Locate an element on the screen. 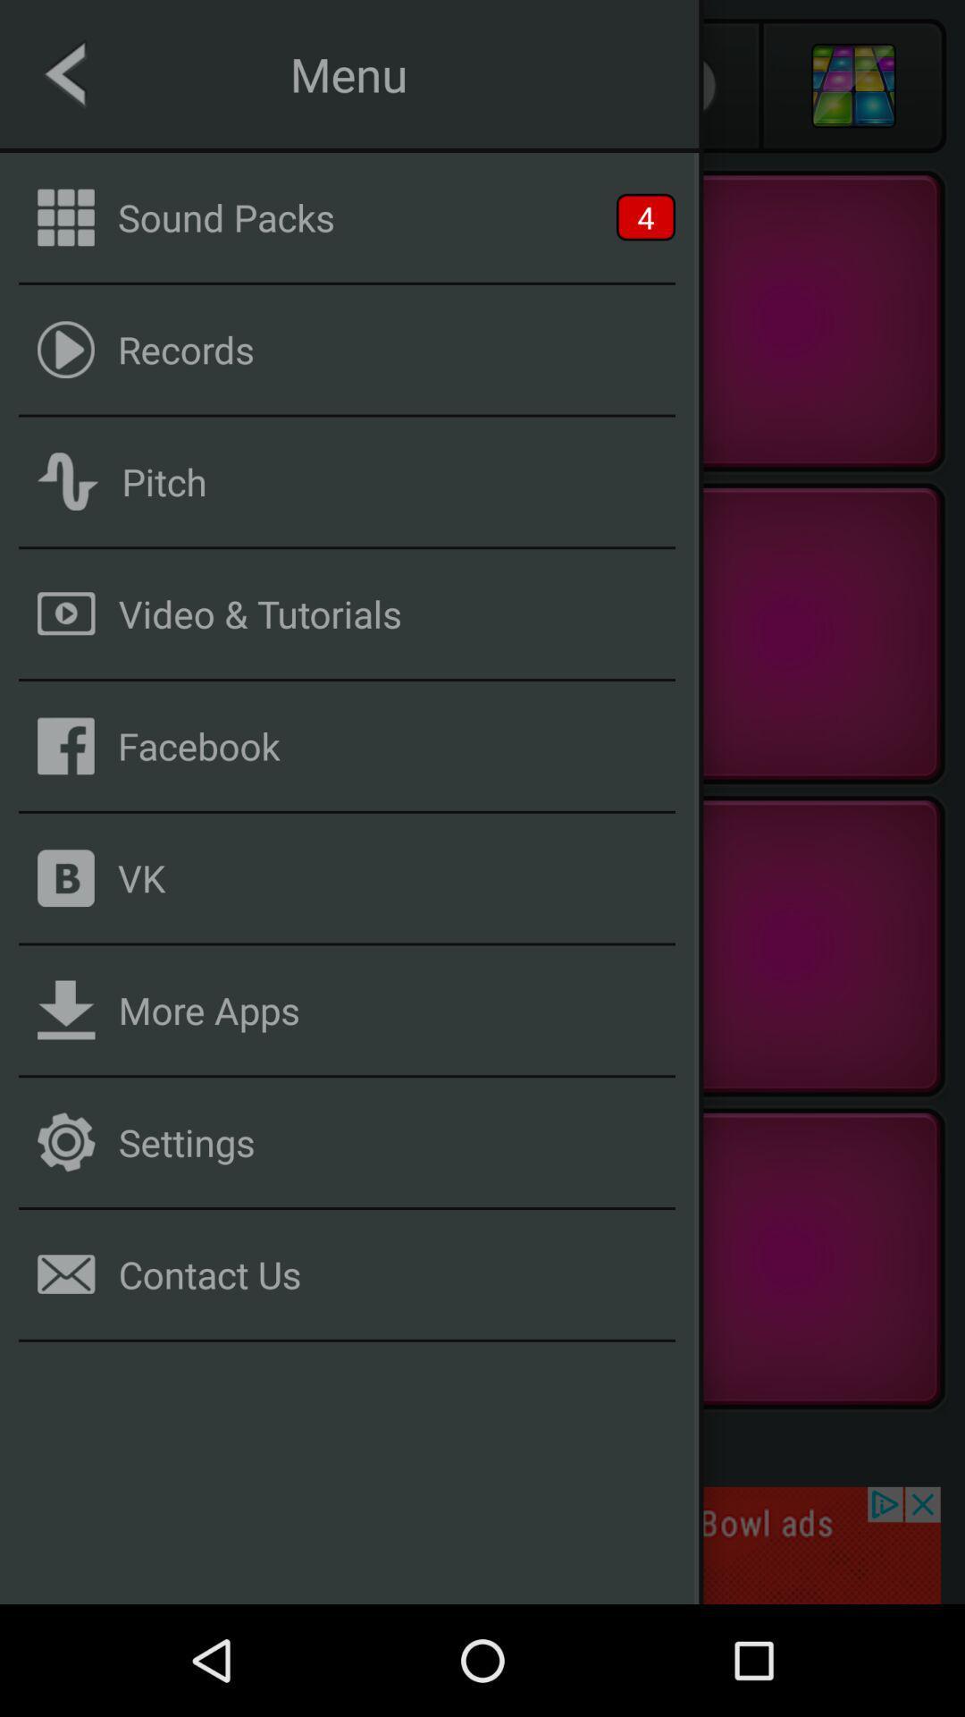  the pic on top right is located at coordinates (852, 85).